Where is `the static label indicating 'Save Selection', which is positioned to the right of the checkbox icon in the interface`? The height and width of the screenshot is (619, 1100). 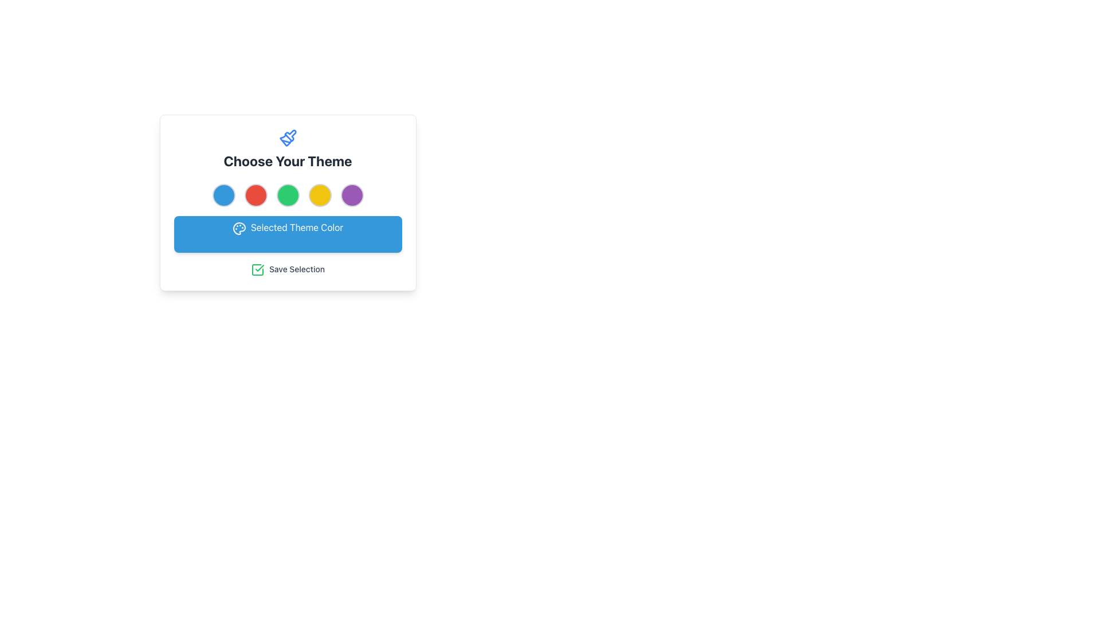
the static label indicating 'Save Selection', which is positioned to the right of the checkbox icon in the interface is located at coordinates (297, 269).